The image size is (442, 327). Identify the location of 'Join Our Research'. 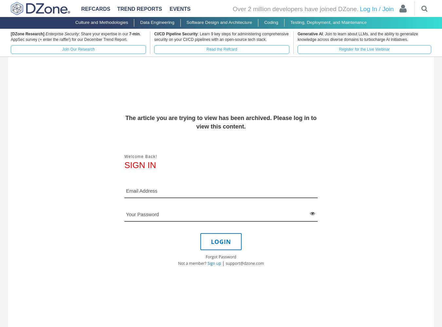
(78, 49).